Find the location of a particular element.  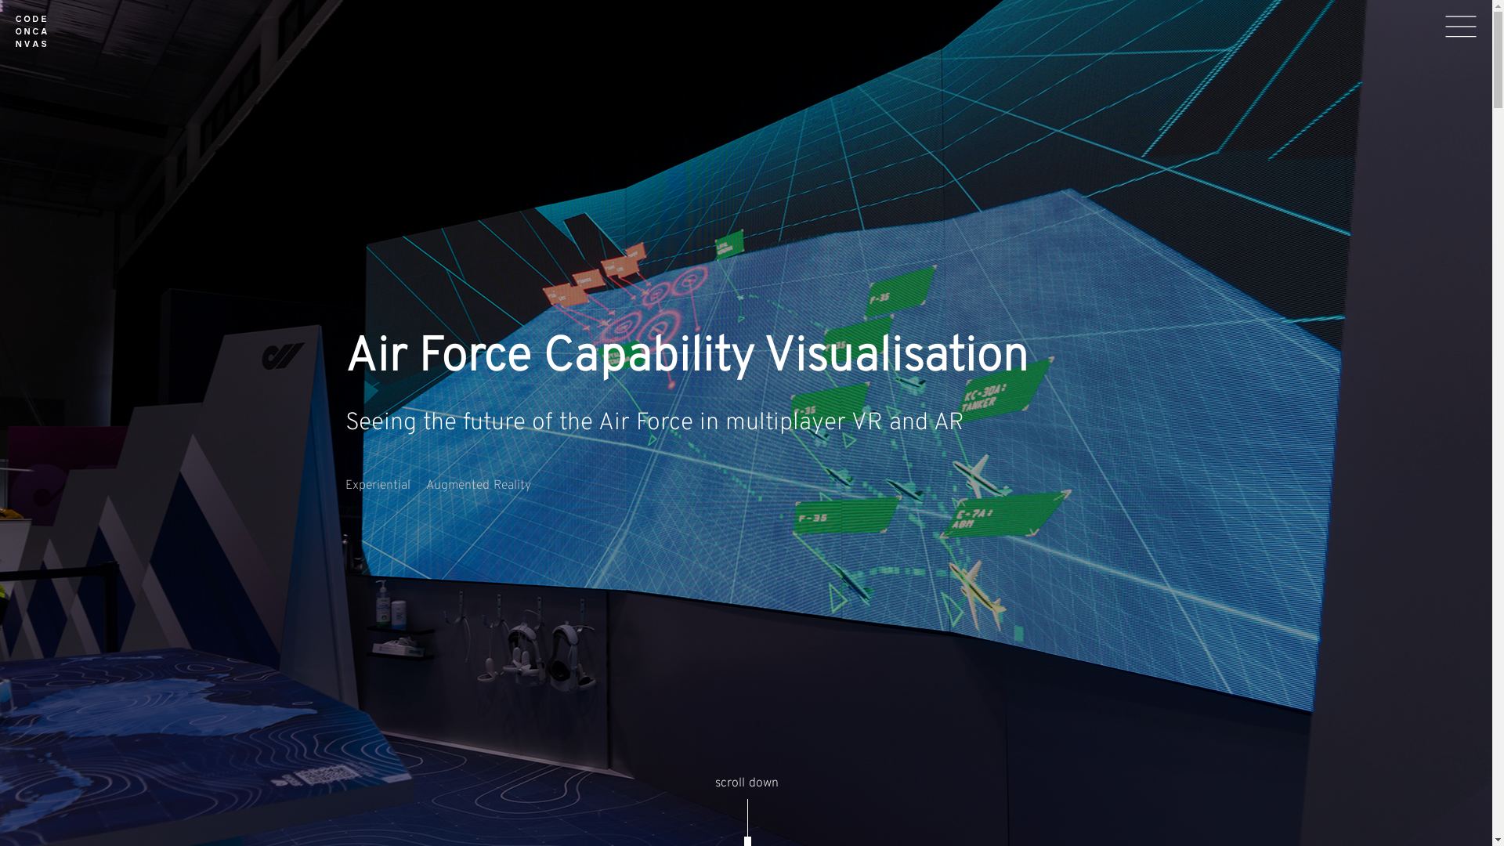

'Augmented Reality' is located at coordinates (425, 485).